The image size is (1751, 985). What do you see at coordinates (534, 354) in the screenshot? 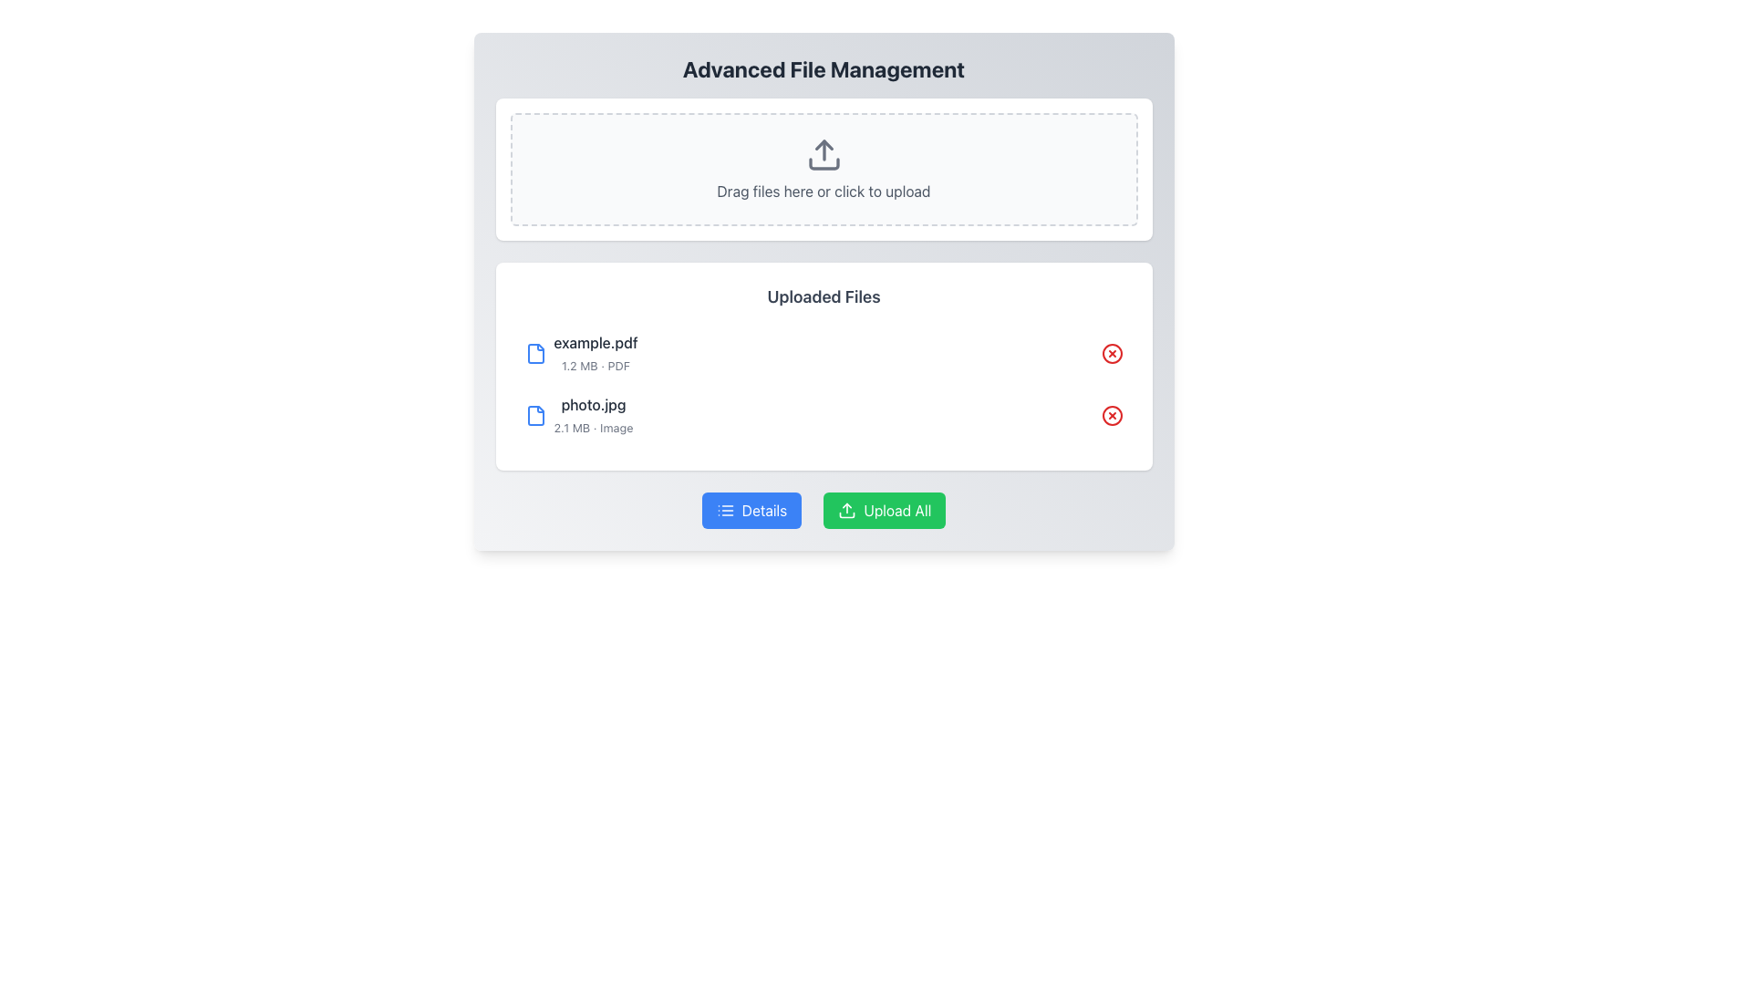
I see `the blue file icon located to the left of the text 'example.pdf'` at bounding box center [534, 354].